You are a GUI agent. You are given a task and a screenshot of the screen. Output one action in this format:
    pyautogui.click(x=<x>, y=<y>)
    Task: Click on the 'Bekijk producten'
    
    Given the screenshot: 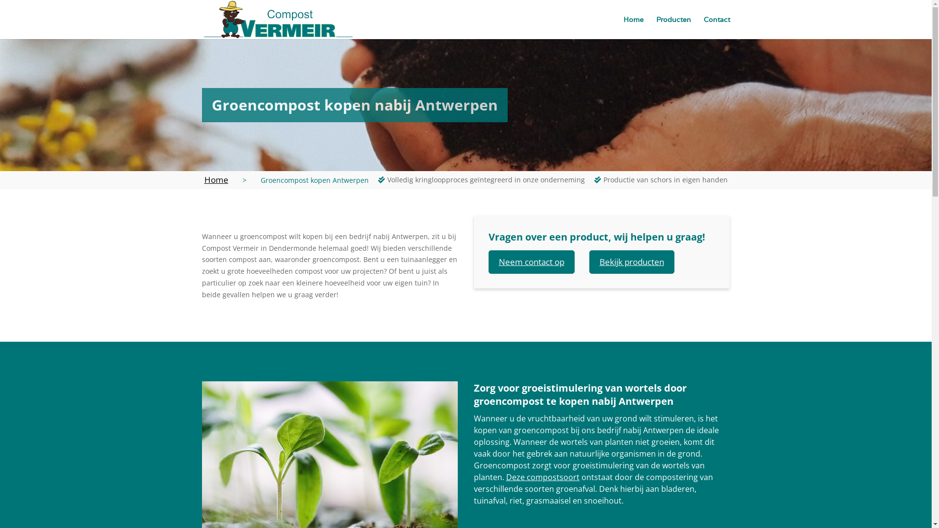 What is the action you would take?
    pyautogui.click(x=631, y=262)
    